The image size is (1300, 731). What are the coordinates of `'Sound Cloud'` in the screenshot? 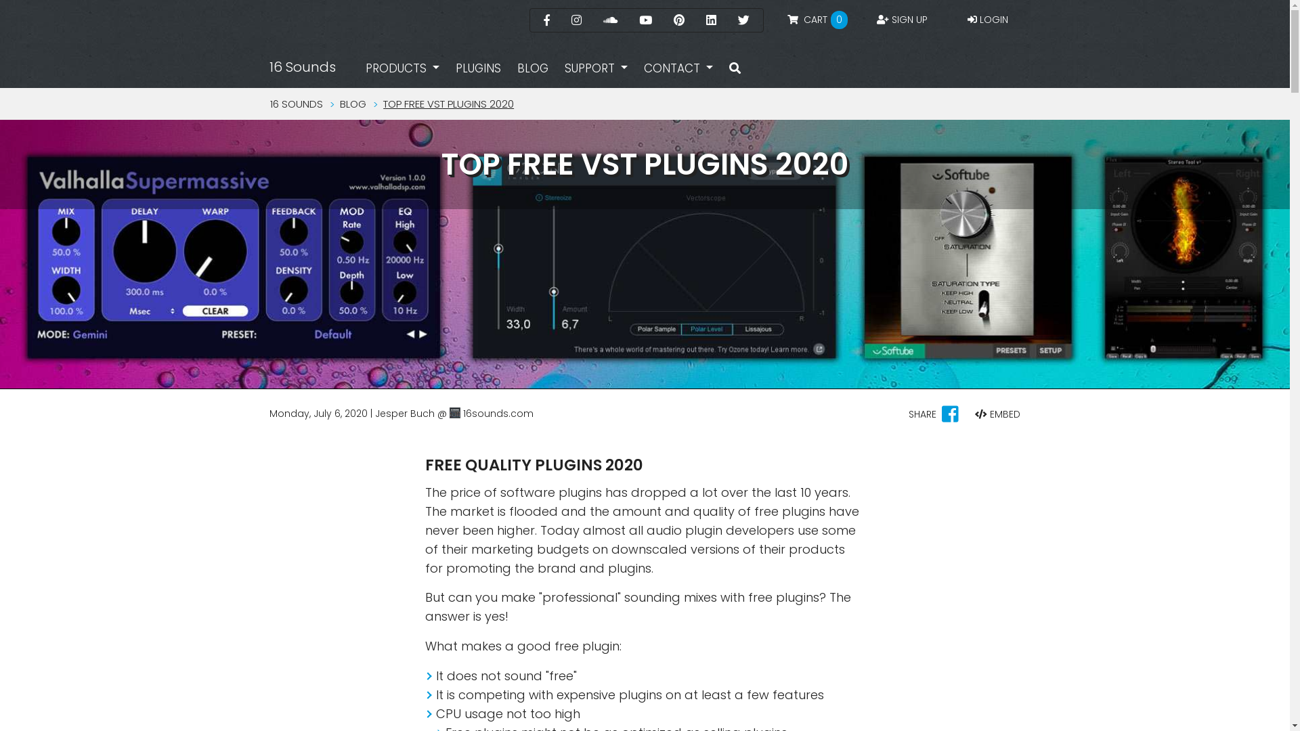 It's located at (609, 20).